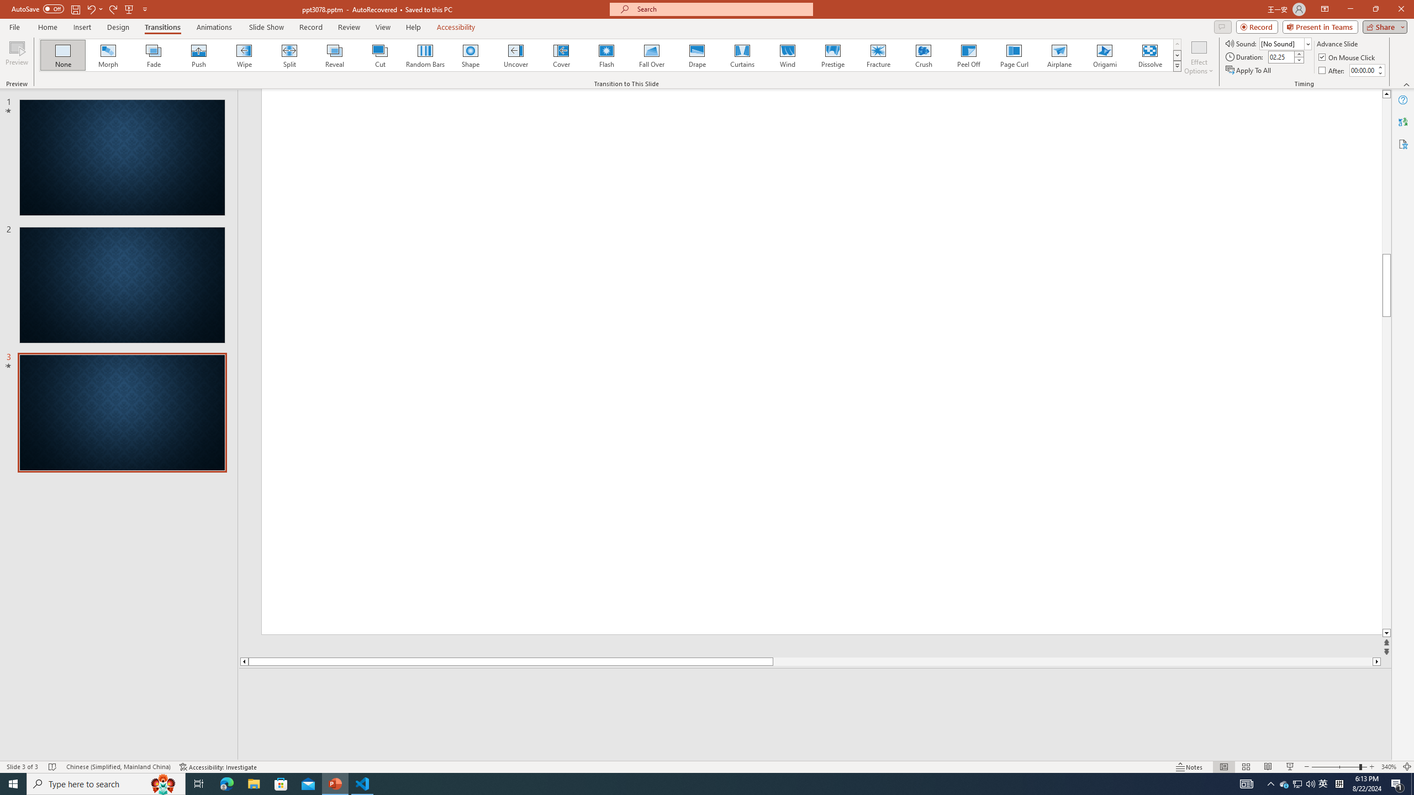 This screenshot has width=1414, height=795. I want to click on 'Effect Options', so click(1198, 57).